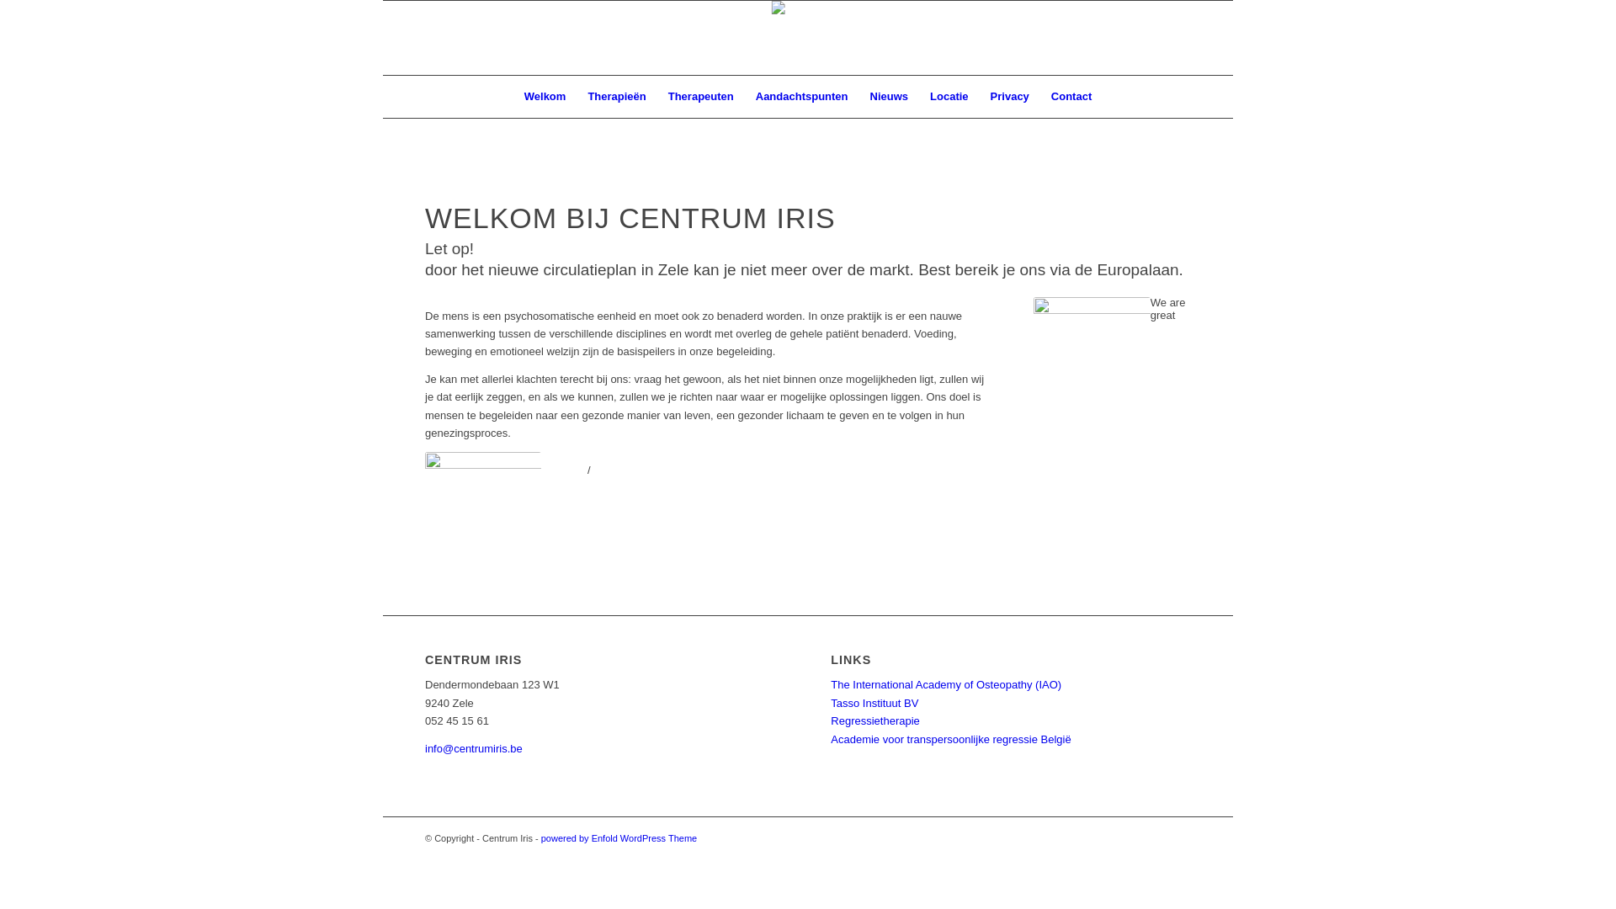 The width and height of the screenshot is (1616, 909). What do you see at coordinates (472, 747) in the screenshot?
I see `'info@centrumiris.be'` at bounding box center [472, 747].